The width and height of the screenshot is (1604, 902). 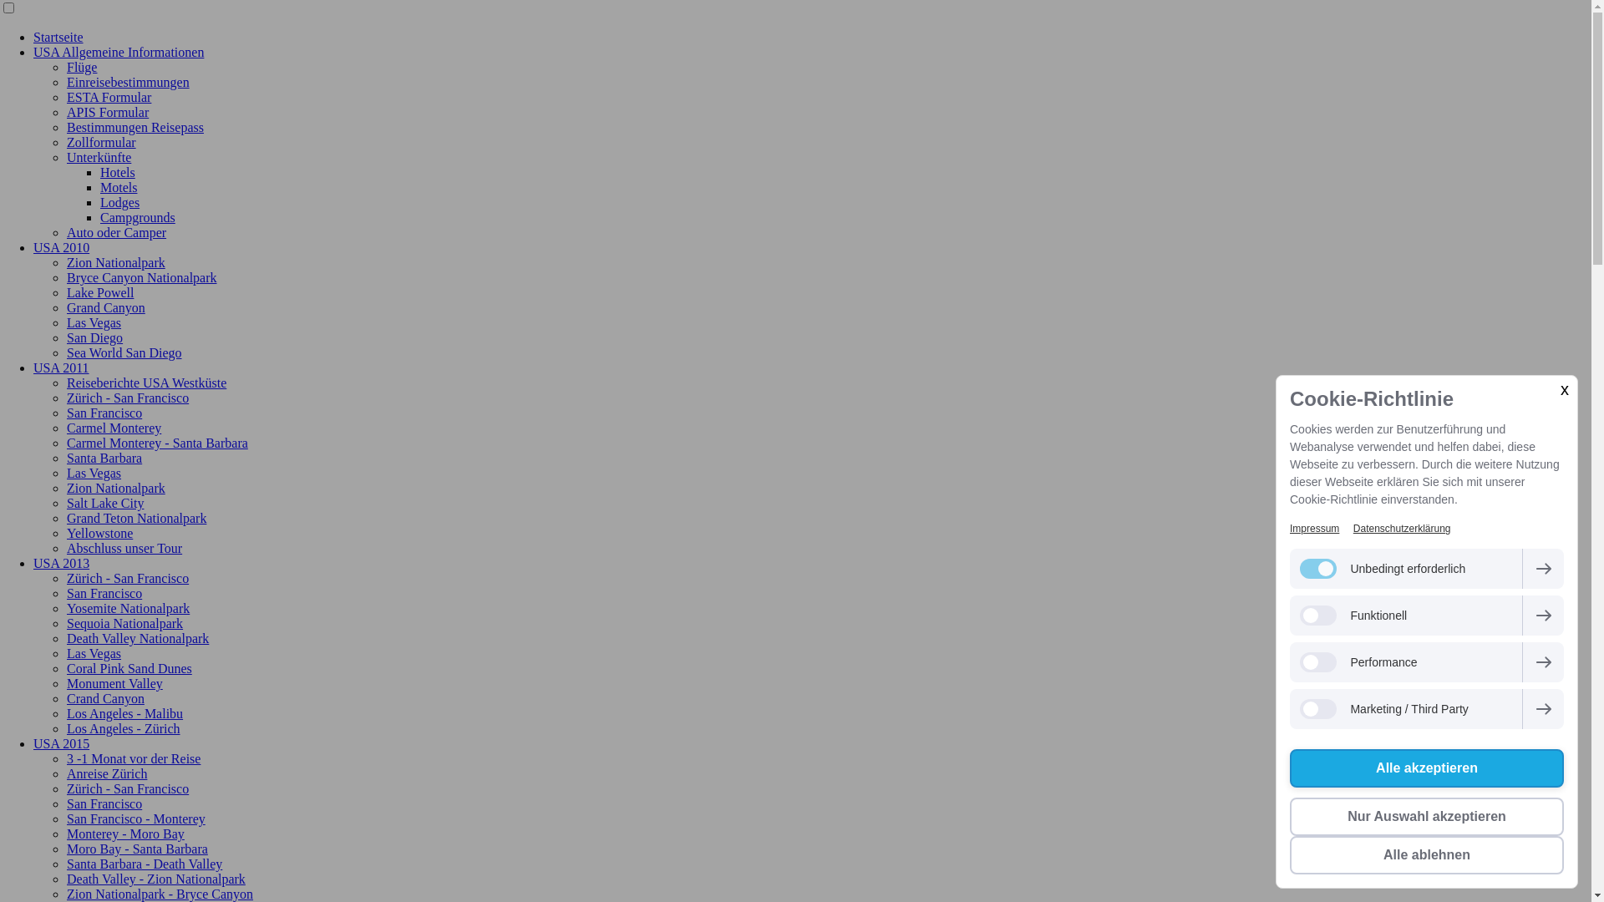 What do you see at coordinates (108, 97) in the screenshot?
I see `'ESTA Formular'` at bounding box center [108, 97].